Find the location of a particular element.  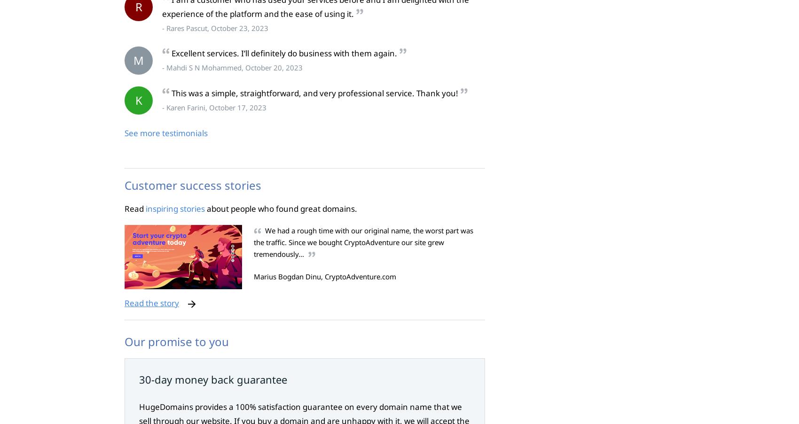

'This was a simple, straightforward, and very professional service. Thank you!' is located at coordinates (314, 93).